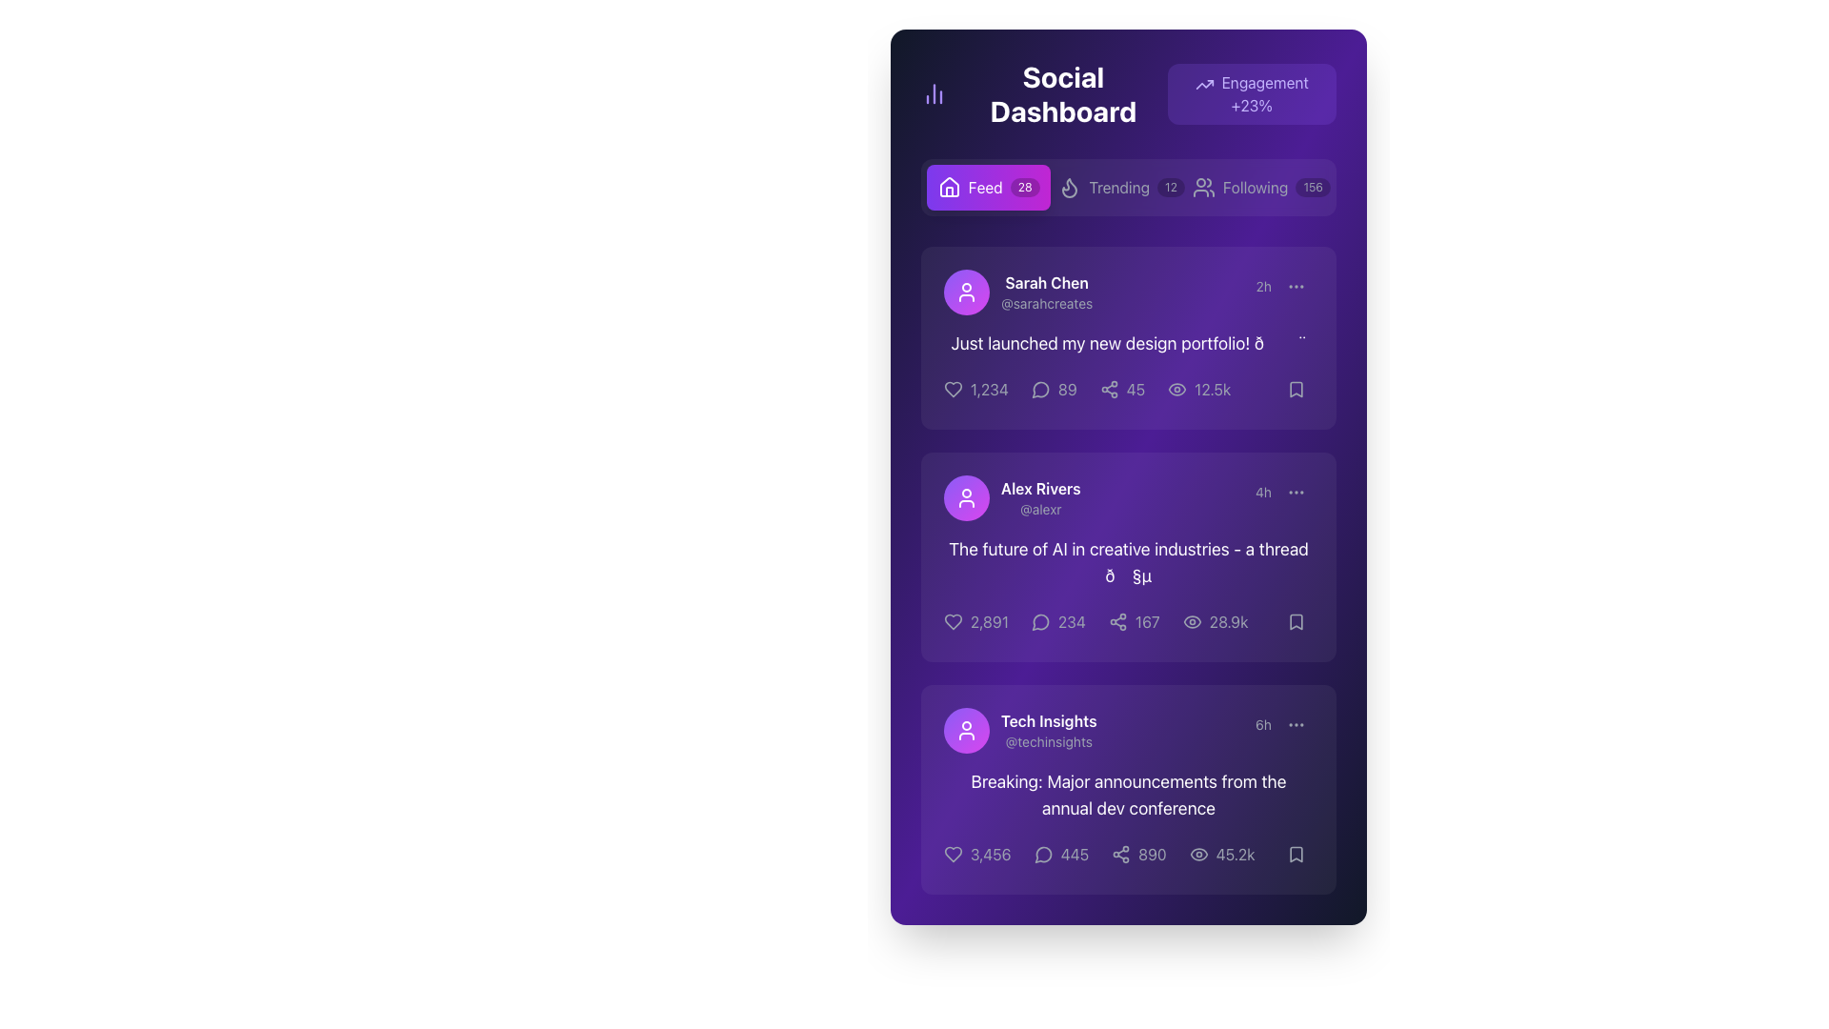  I want to click on text label displaying 'Tech Insights', which is prominently styled in bold white font against a purple background, located near the top-left of a card in a feed, so click(1048, 720).